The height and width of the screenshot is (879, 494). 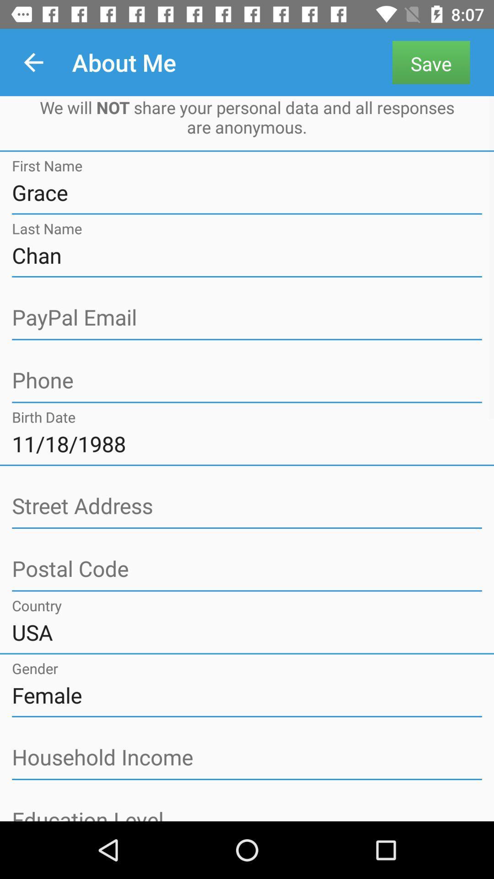 What do you see at coordinates (247, 814) in the screenshot?
I see `digit the education level` at bounding box center [247, 814].